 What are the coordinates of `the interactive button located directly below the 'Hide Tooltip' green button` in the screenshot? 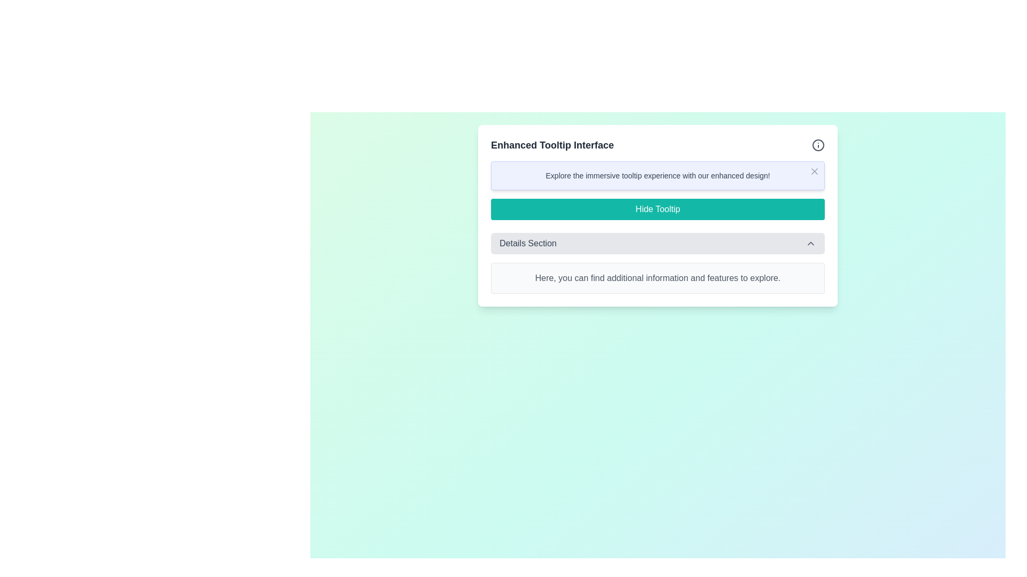 It's located at (657, 243).